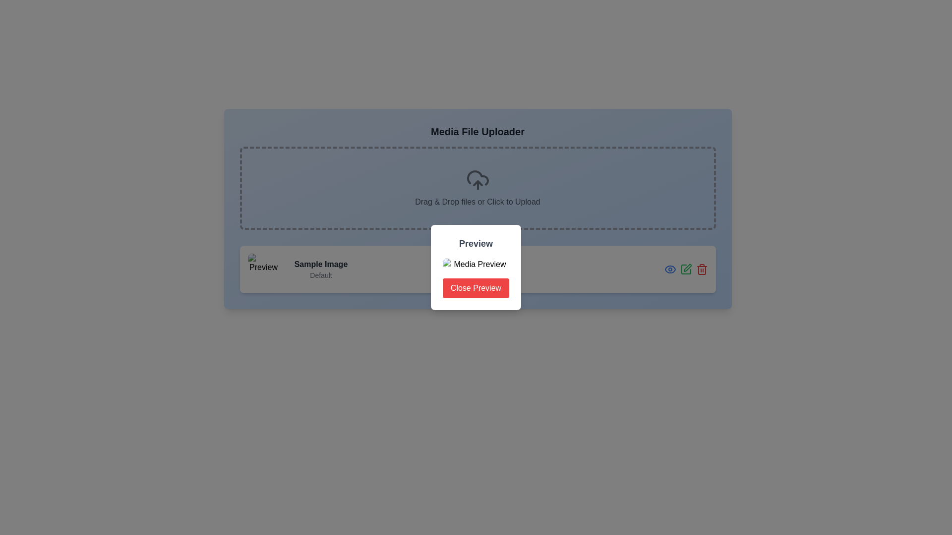 The image size is (952, 535). Describe the element at coordinates (321, 264) in the screenshot. I see `text label containing 'Sample Image' which is styled bold and truncated, located in the lower left region of the interface` at that location.